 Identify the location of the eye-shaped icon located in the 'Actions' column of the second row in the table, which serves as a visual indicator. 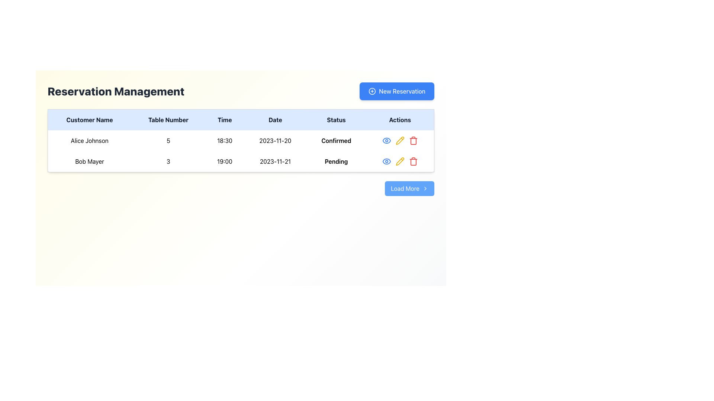
(386, 140).